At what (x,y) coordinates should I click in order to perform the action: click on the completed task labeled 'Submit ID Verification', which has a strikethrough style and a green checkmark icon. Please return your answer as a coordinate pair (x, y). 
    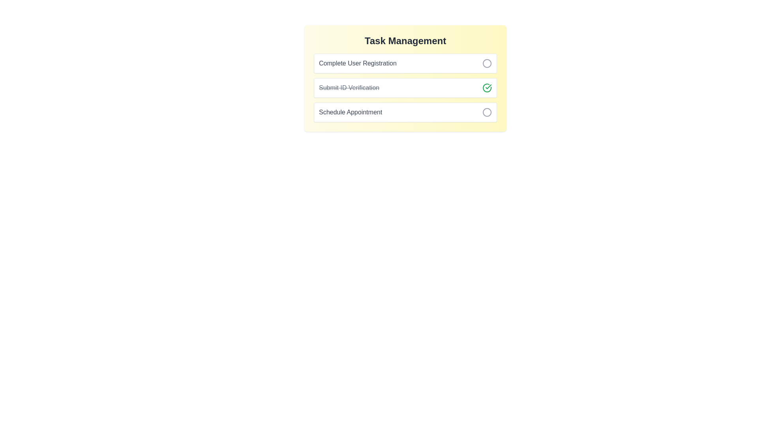
    Looking at the image, I should click on (405, 78).